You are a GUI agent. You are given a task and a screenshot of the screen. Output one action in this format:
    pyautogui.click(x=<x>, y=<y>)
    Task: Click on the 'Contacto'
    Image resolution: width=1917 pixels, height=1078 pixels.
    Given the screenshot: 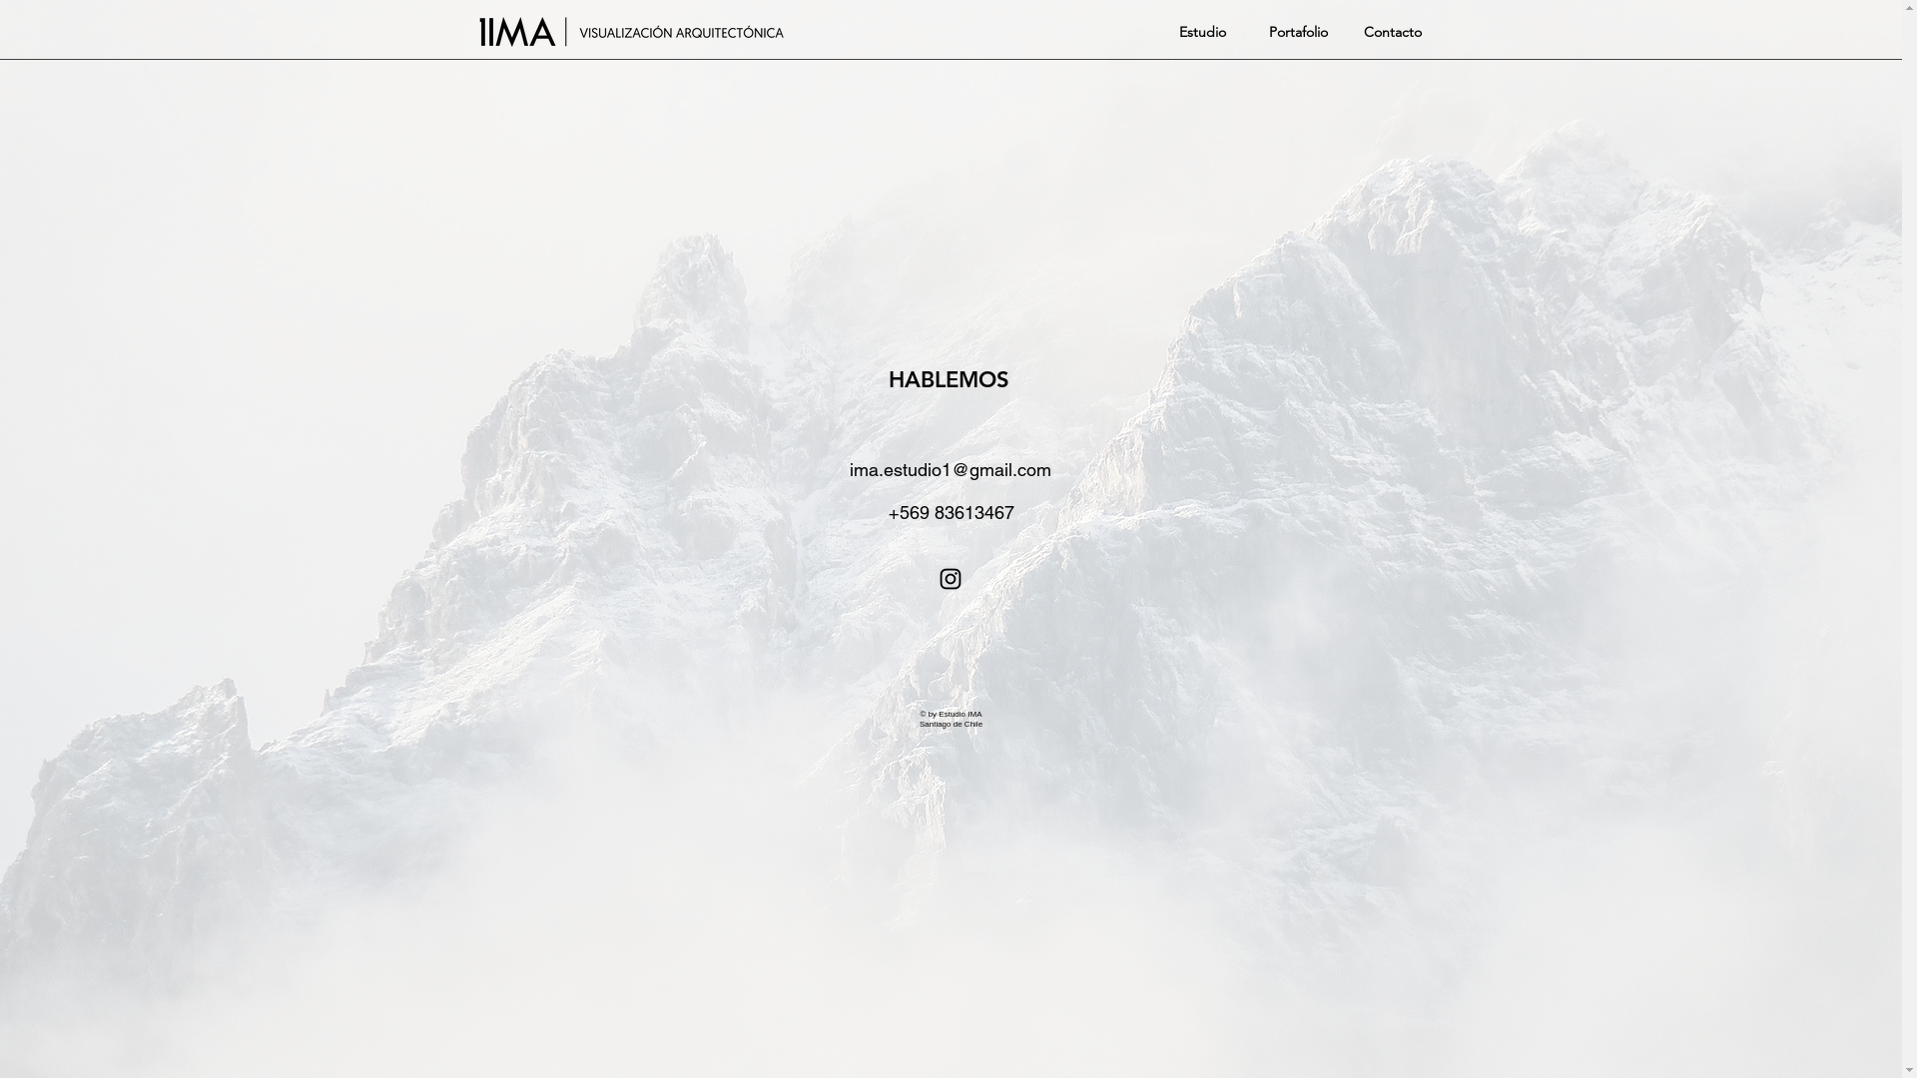 What is the action you would take?
    pyautogui.click(x=1363, y=32)
    